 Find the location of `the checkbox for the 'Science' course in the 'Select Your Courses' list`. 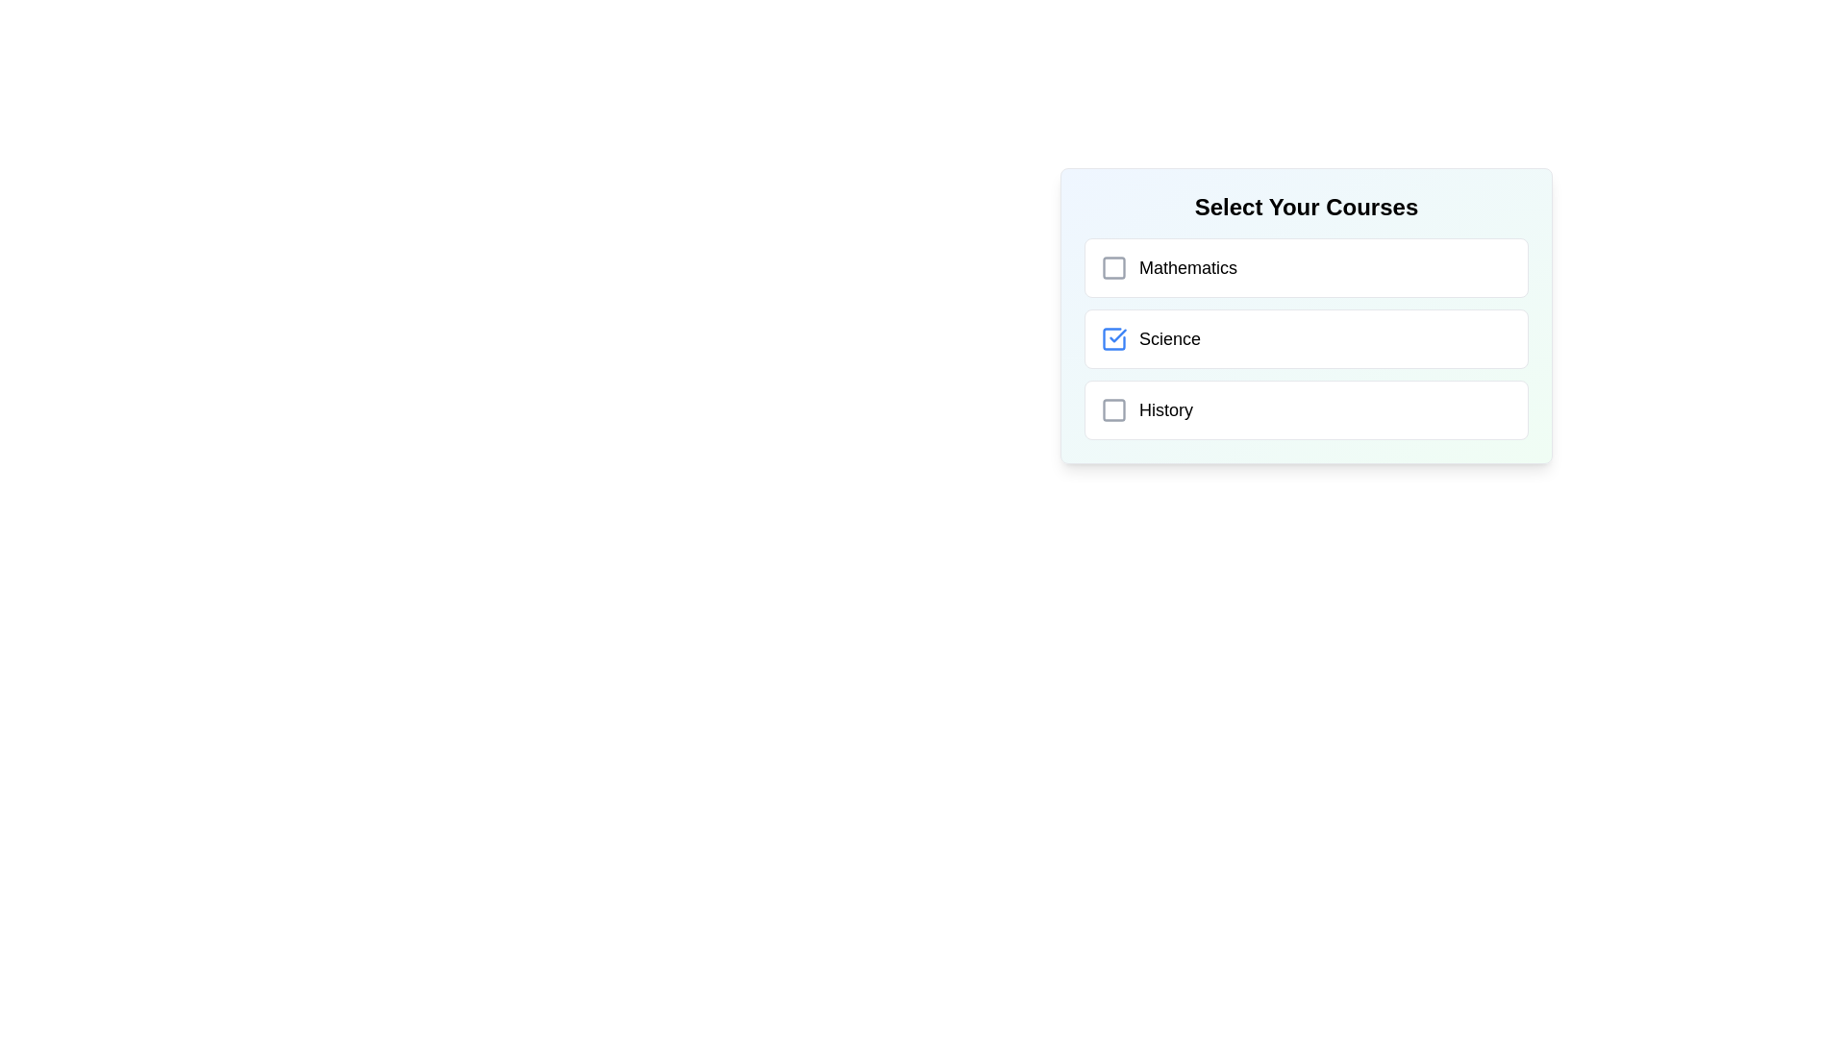

the checkbox for the 'Science' course in the 'Select Your Courses' list is located at coordinates (1113, 338).